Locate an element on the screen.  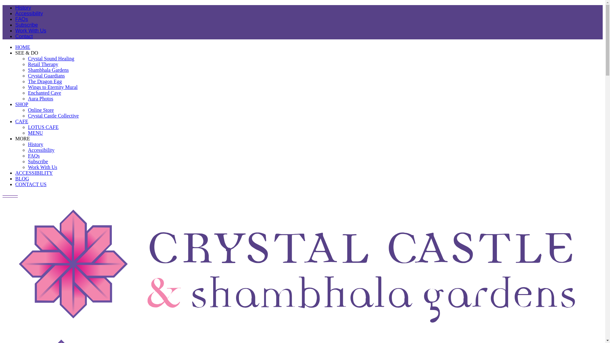
'ACCESSIBILITY' is located at coordinates (33, 173).